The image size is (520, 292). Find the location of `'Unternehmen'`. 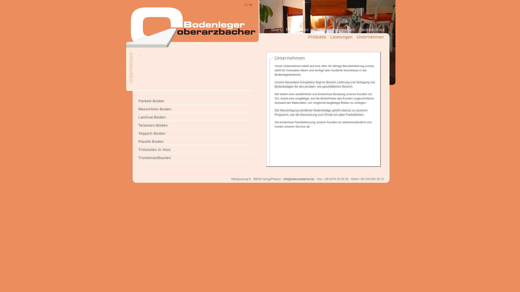

'Unternehmen' is located at coordinates (143, 55).